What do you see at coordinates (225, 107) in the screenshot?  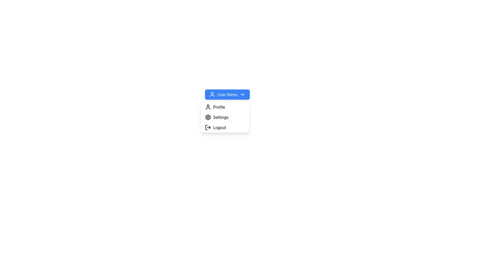 I see `the first item in the user menu dropdown list, which is the Profile option` at bounding box center [225, 107].